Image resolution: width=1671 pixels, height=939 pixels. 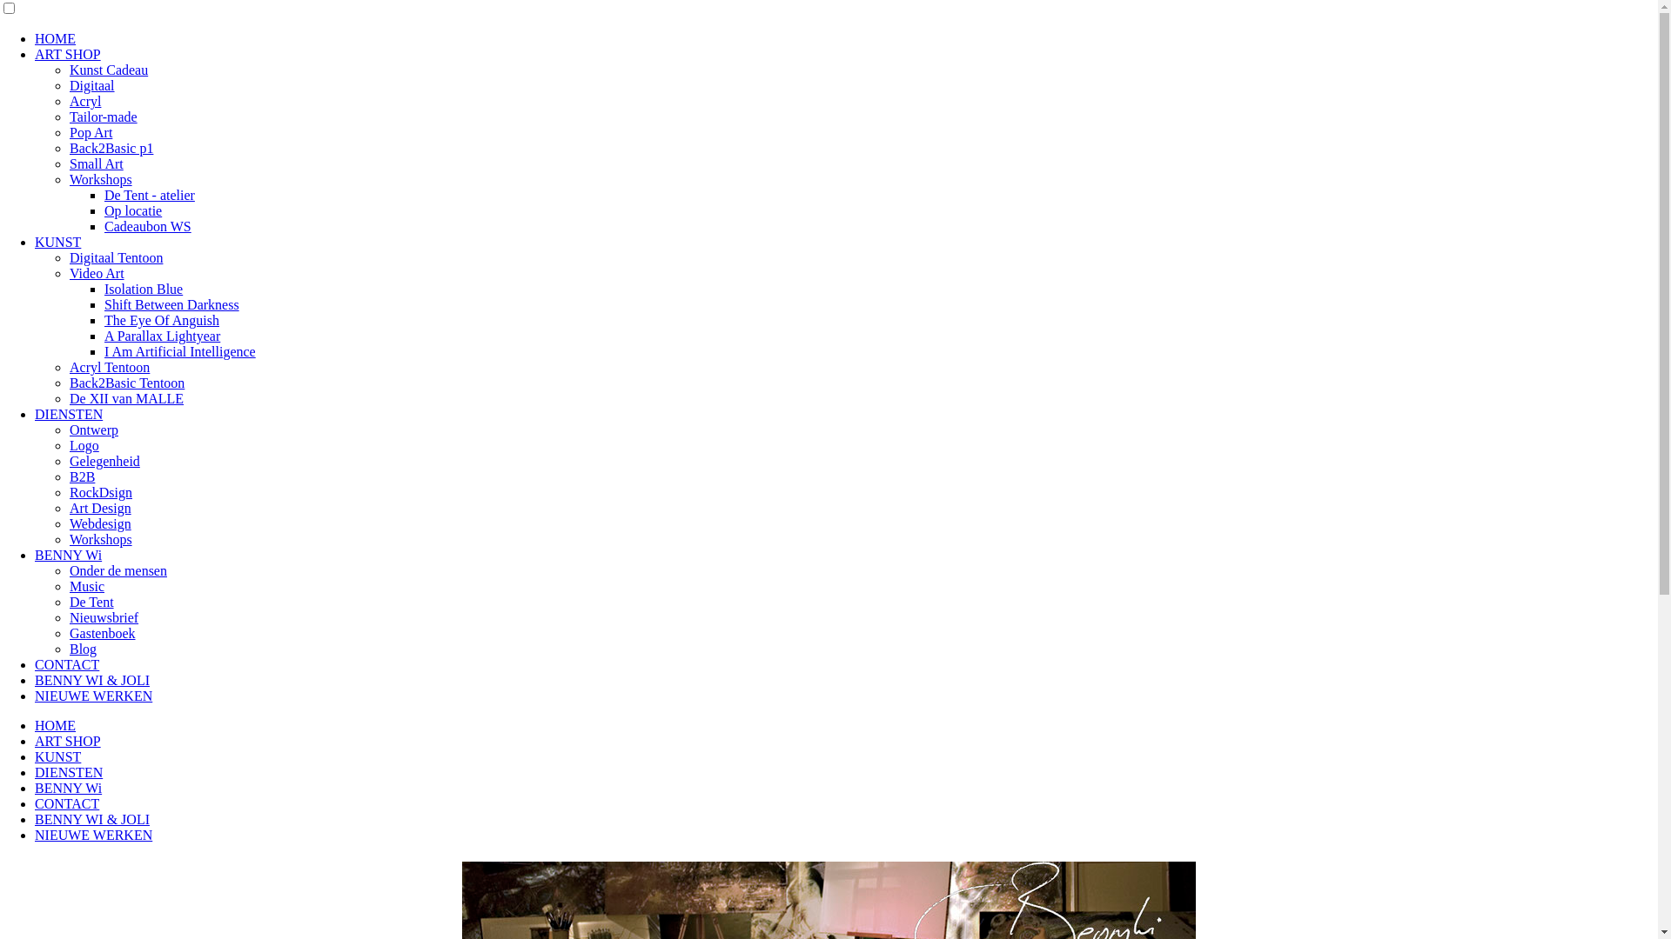 What do you see at coordinates (70, 382) in the screenshot?
I see `'Back2Basic Tentoon'` at bounding box center [70, 382].